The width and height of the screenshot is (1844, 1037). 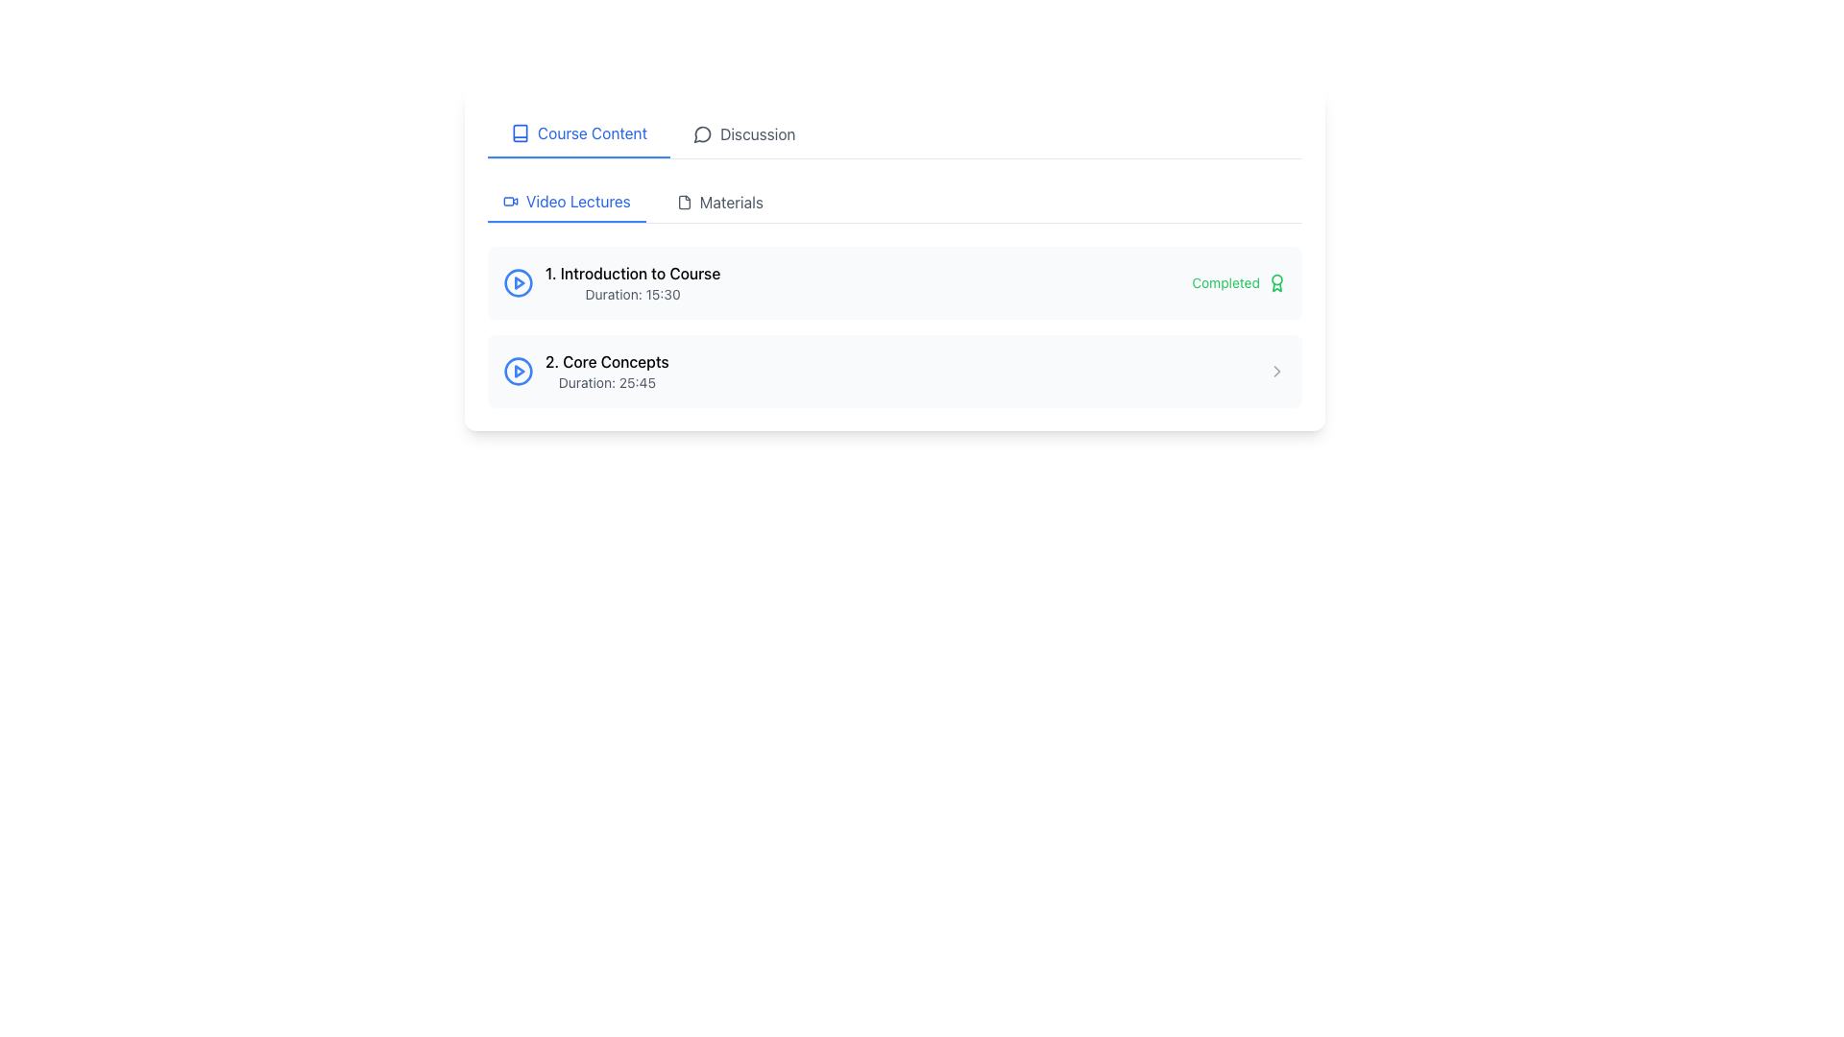 What do you see at coordinates (1276, 278) in the screenshot?
I see `the decorative circle element within the award-shaped icon located on the right-hand side of the 'Completed' text` at bounding box center [1276, 278].